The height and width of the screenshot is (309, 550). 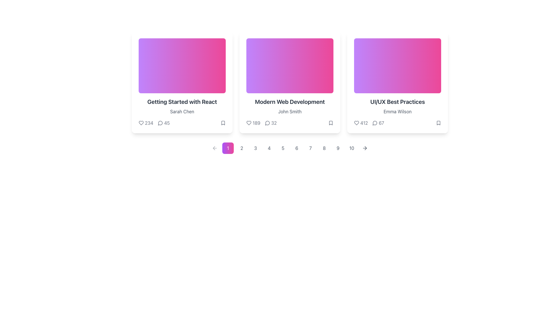 I want to click on the comment icon represented by a speech bubble, located in the bottom row of the first card titled 'Getting Started with React', near the text '45', so click(x=160, y=123).